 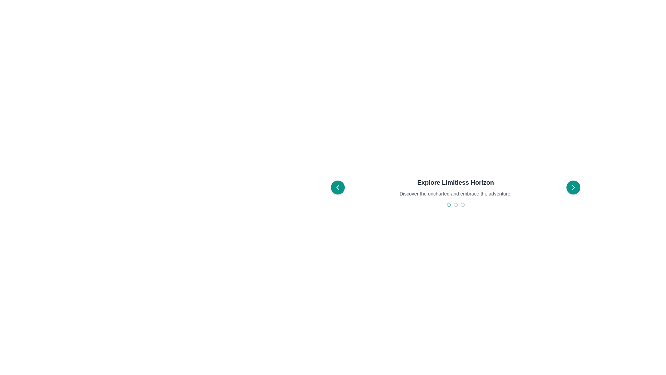 I want to click on the central pagination dot, which is visually distinct in teal color, so click(x=455, y=205).